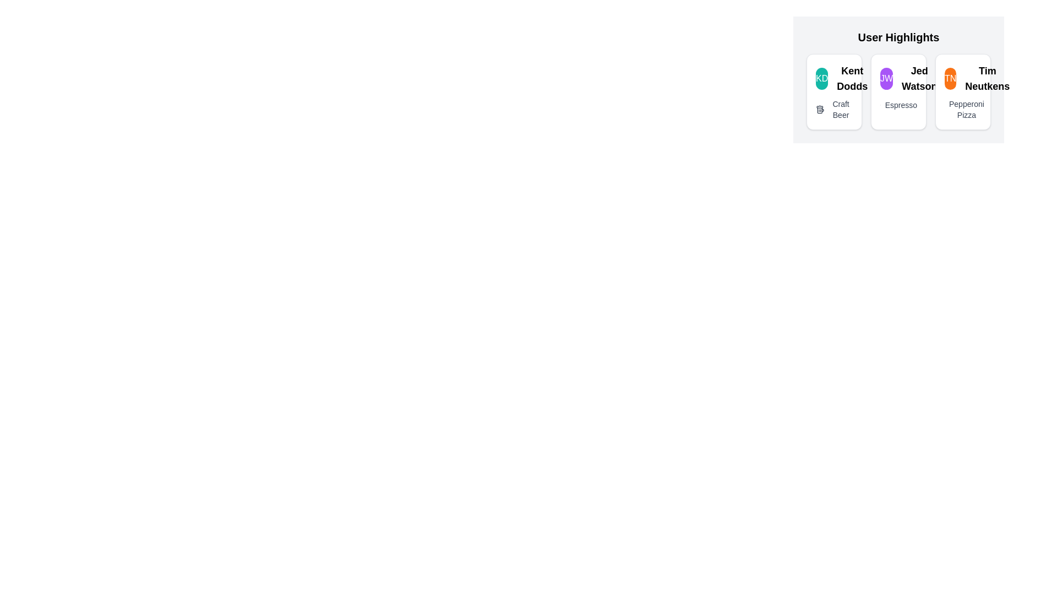 The width and height of the screenshot is (1057, 595). I want to click on the name 'Tim Neutkens' in the Profile preview component, so click(962, 78).